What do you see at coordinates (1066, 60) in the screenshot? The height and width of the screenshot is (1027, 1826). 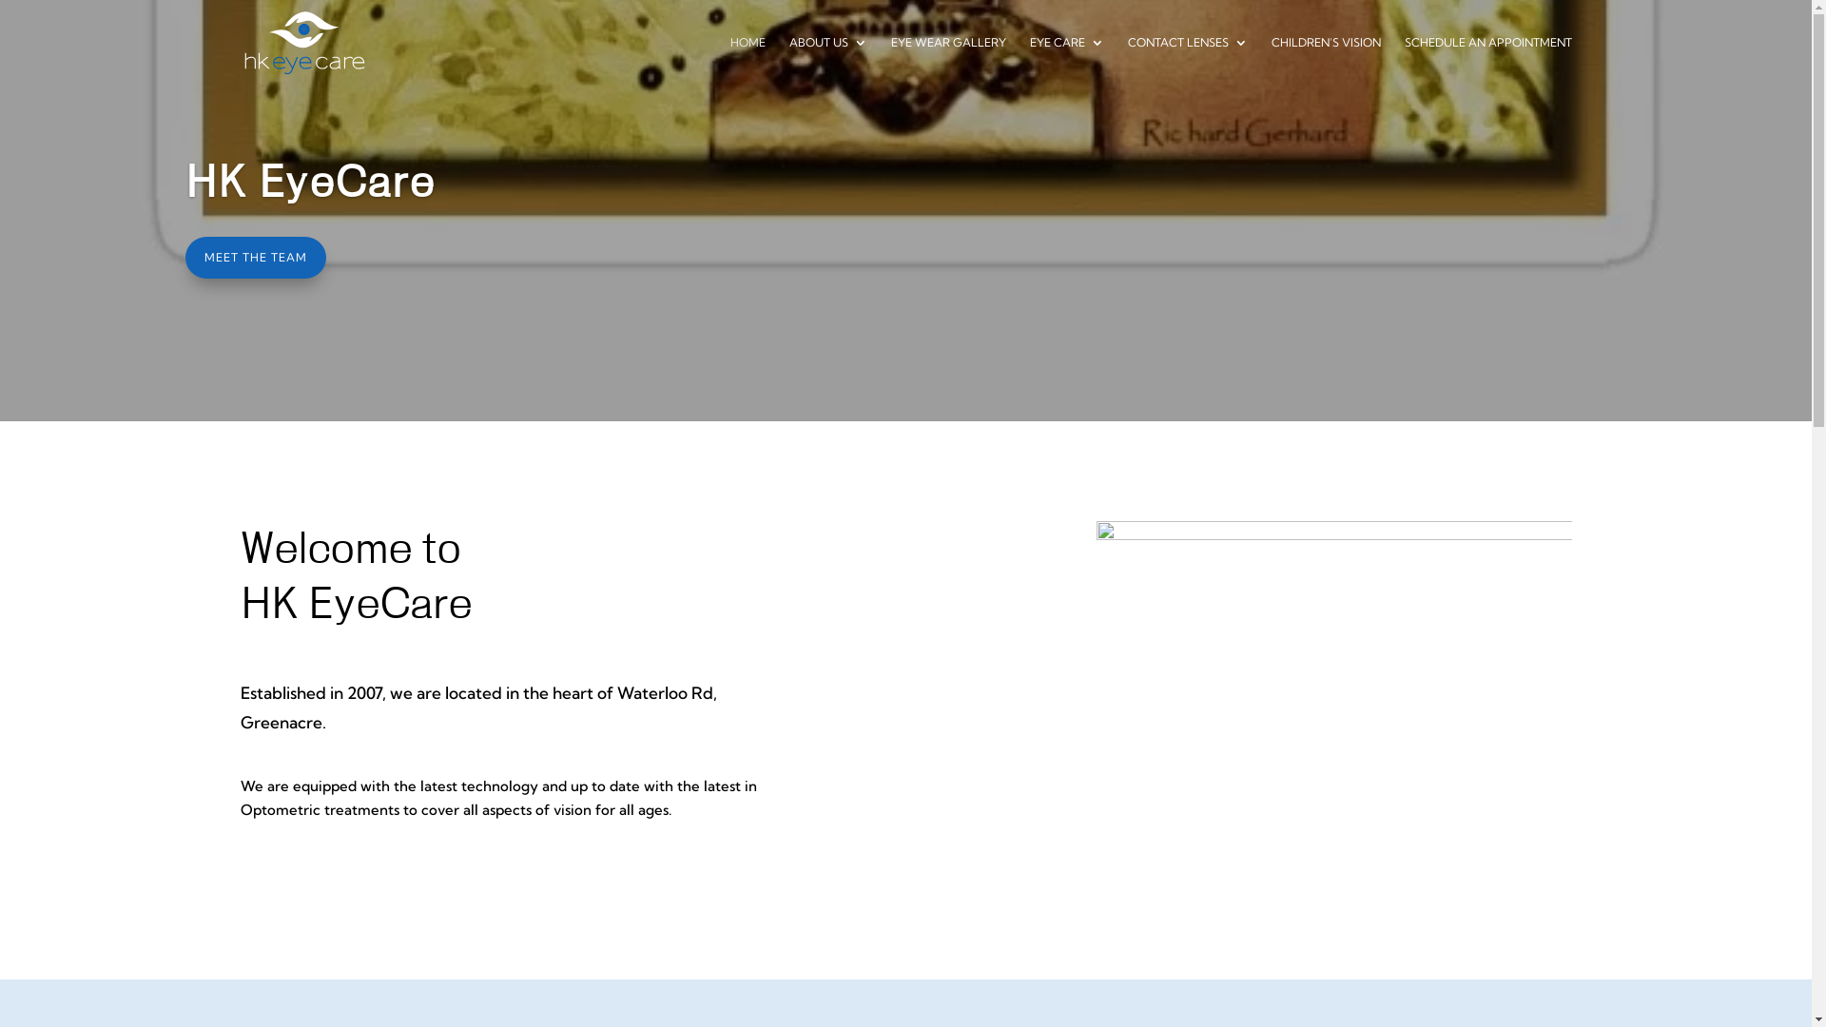 I see `'EYE CARE'` at bounding box center [1066, 60].